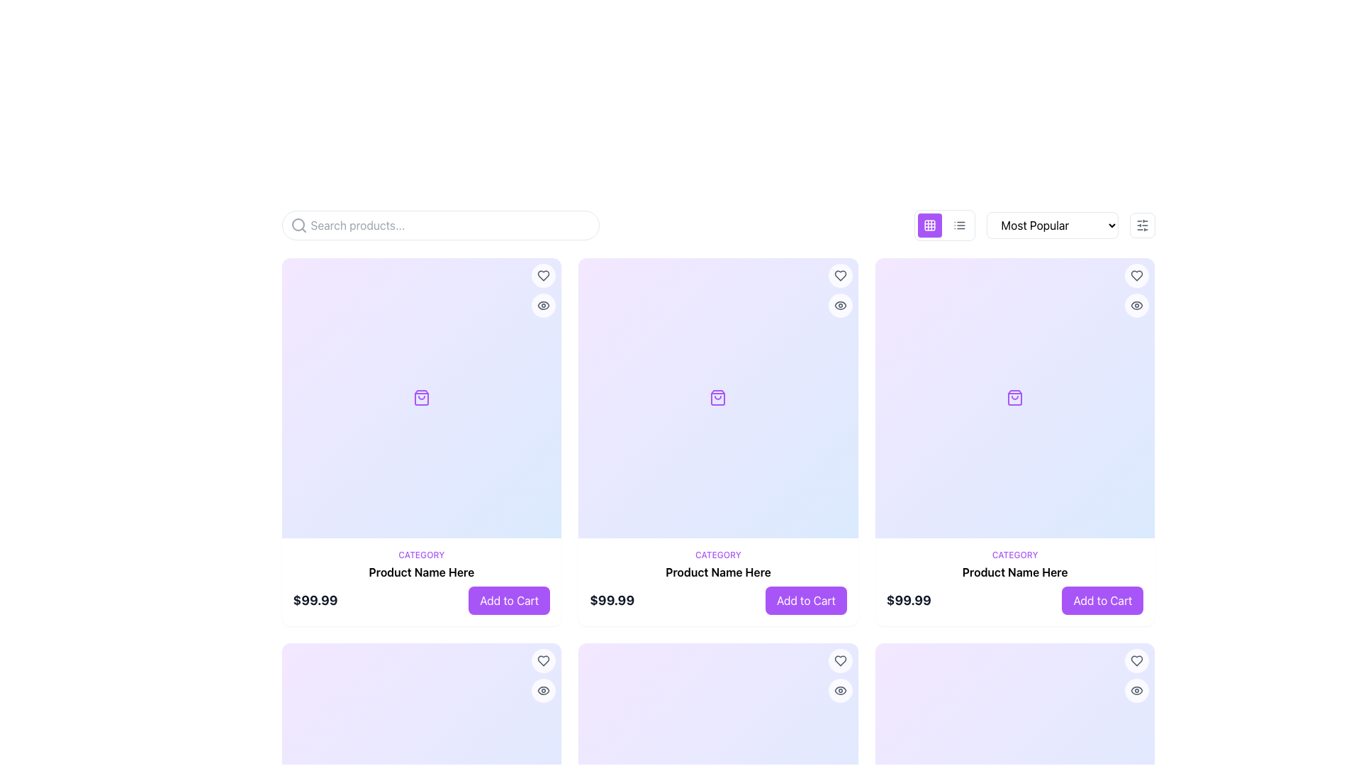 The width and height of the screenshot is (1361, 766). What do you see at coordinates (1014, 571) in the screenshot?
I see `the textual label displaying 'Product Name Here' in bold font style, which is centrally aligned within the layout section of the fourth product card` at bounding box center [1014, 571].